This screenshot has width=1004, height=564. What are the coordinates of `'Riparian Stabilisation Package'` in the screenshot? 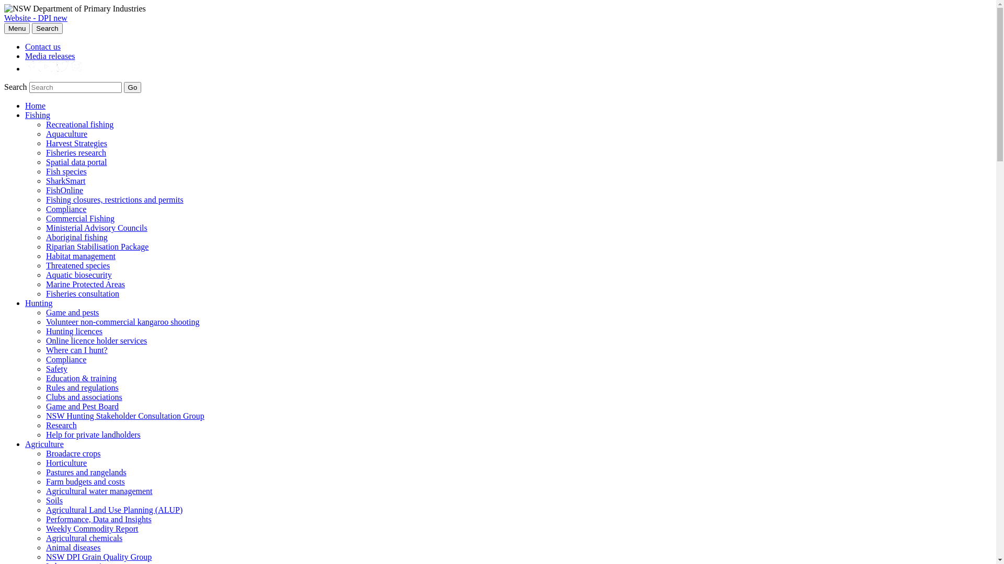 It's located at (45, 246).